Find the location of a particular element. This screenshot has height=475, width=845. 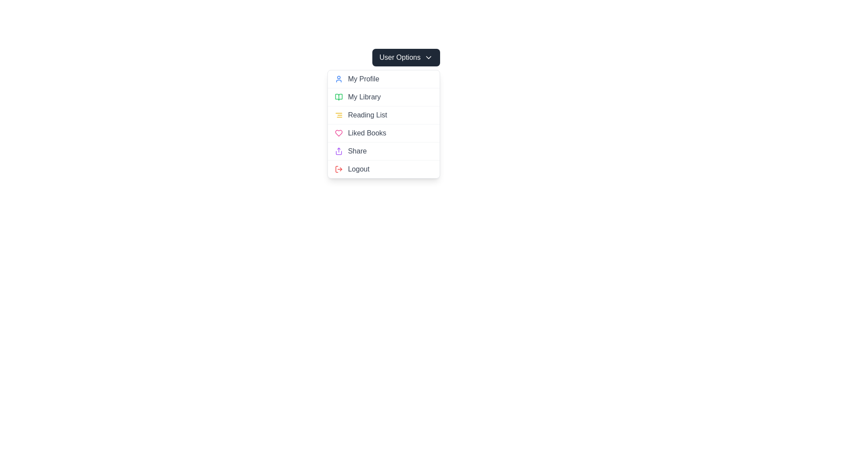

the 'Logout' button at the bottom of the vertical menu is located at coordinates (383, 169).